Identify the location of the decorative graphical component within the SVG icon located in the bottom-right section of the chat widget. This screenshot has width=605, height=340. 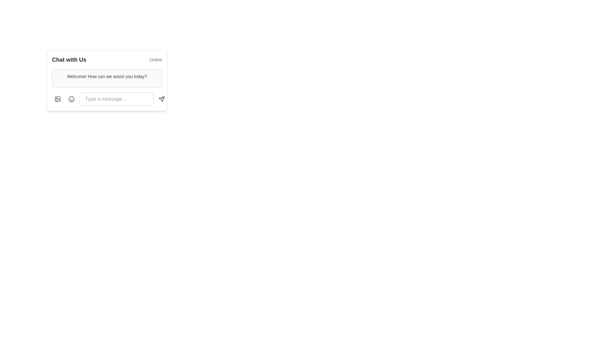
(57, 99).